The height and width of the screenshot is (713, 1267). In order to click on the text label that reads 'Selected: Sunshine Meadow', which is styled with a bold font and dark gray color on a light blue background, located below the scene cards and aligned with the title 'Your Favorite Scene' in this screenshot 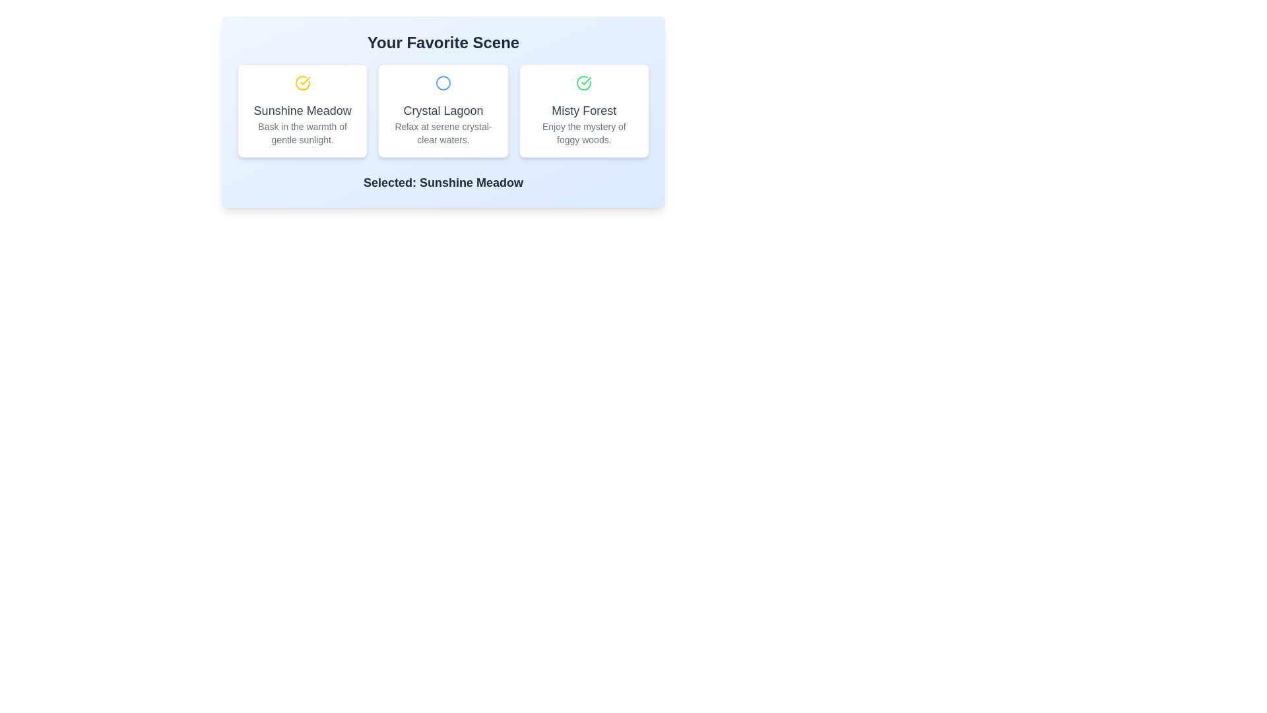, I will do `click(443, 183)`.